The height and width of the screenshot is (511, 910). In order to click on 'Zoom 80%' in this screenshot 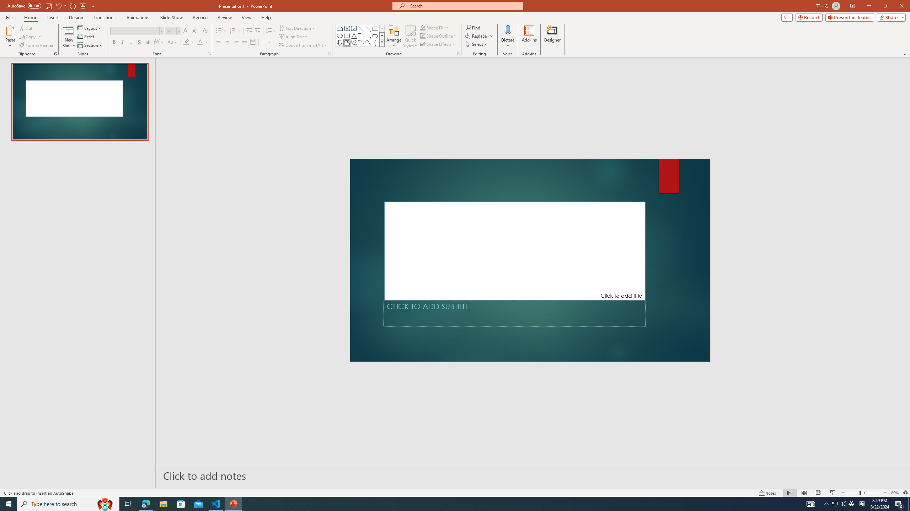, I will do `click(894, 493)`.